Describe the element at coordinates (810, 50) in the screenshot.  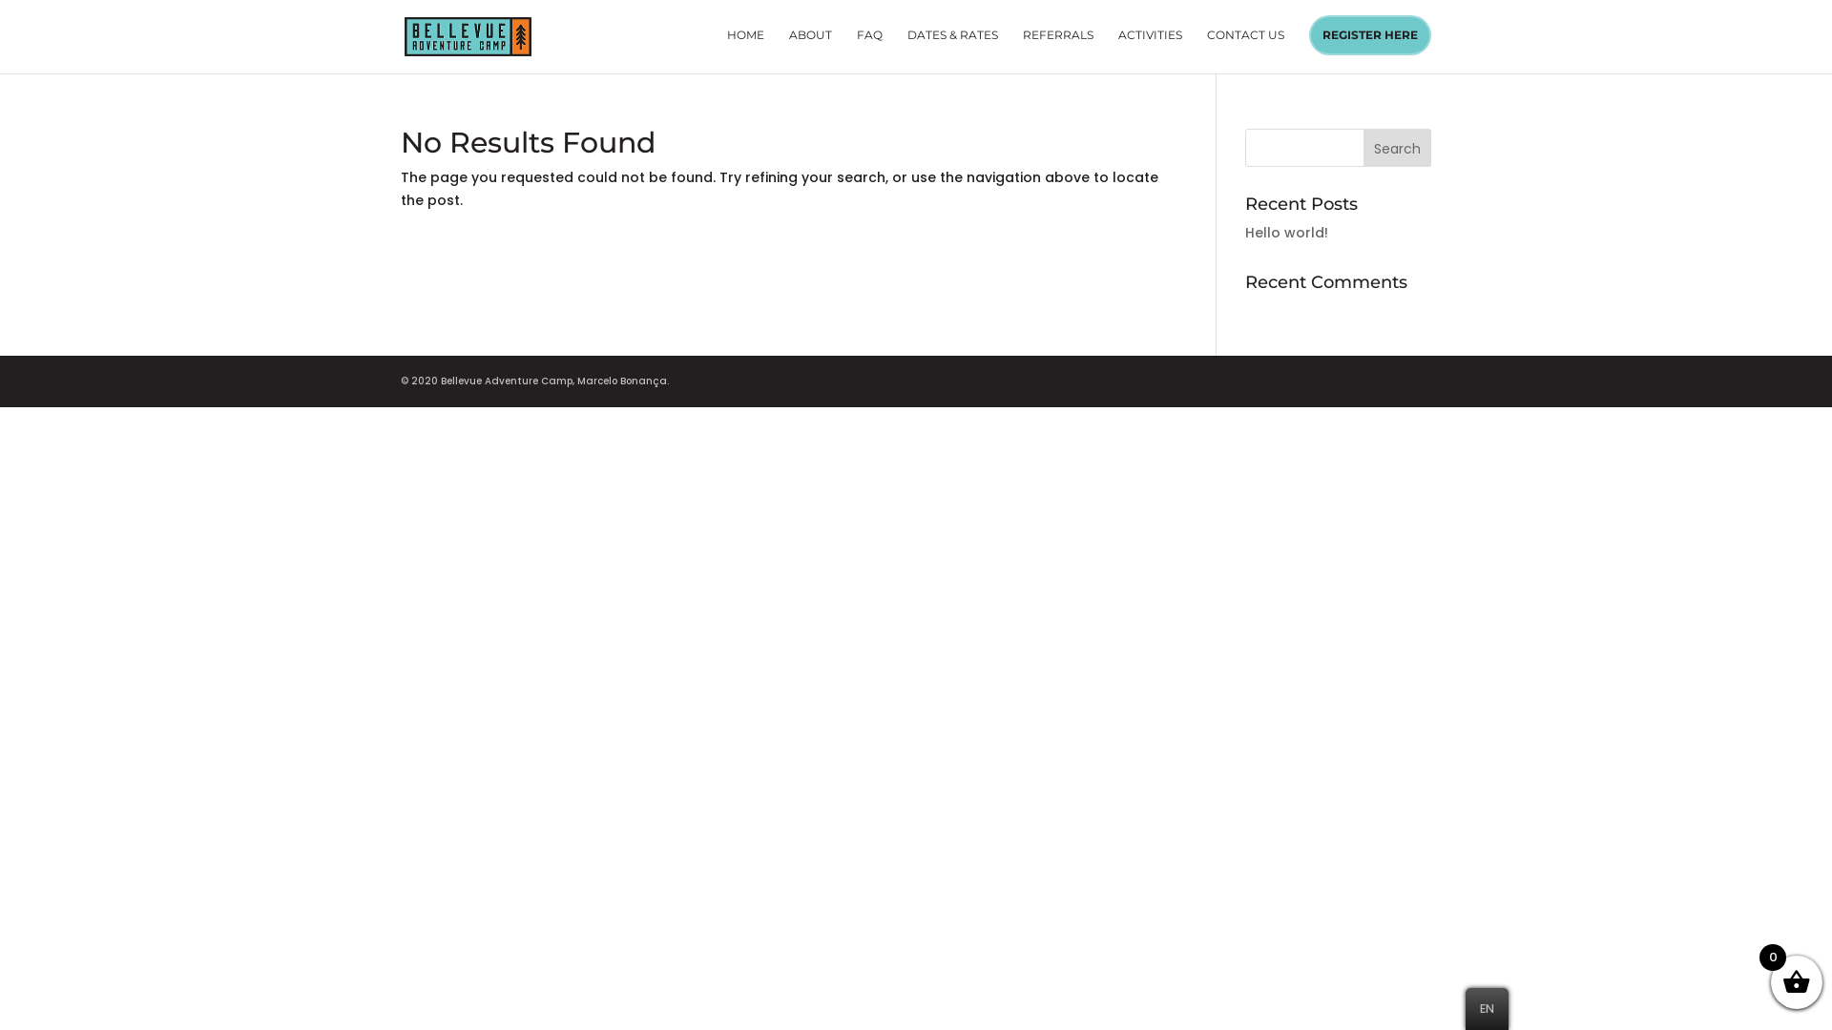
I see `'ABOUT'` at that location.